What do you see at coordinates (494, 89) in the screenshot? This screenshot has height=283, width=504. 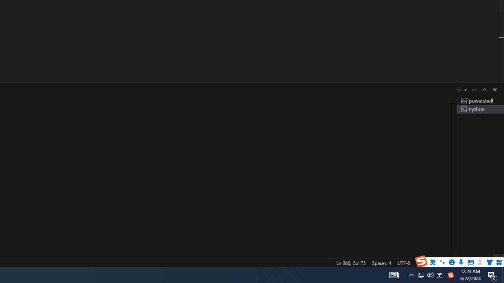 I see `'Hide Panel'` at bounding box center [494, 89].